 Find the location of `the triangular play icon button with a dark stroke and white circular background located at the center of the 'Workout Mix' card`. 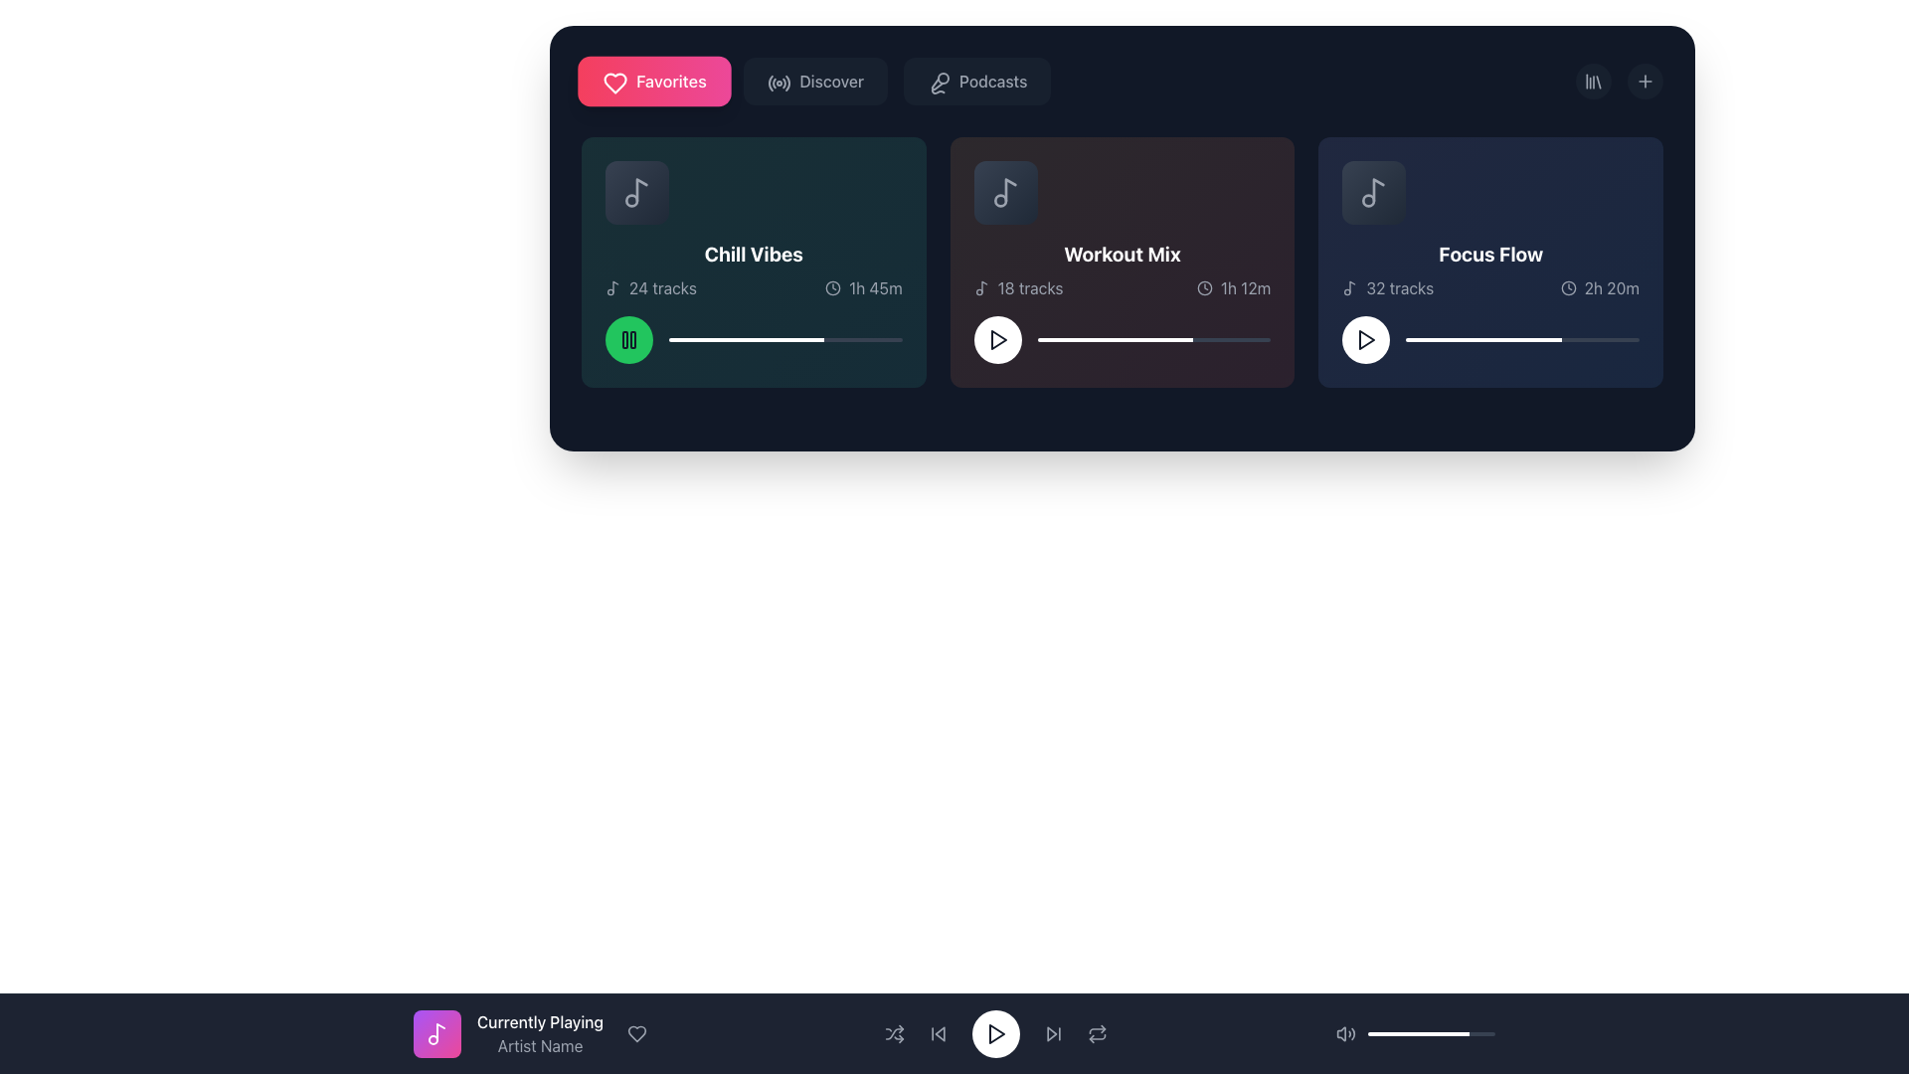

the triangular play icon button with a dark stroke and white circular background located at the center of the 'Workout Mix' card is located at coordinates (997, 339).